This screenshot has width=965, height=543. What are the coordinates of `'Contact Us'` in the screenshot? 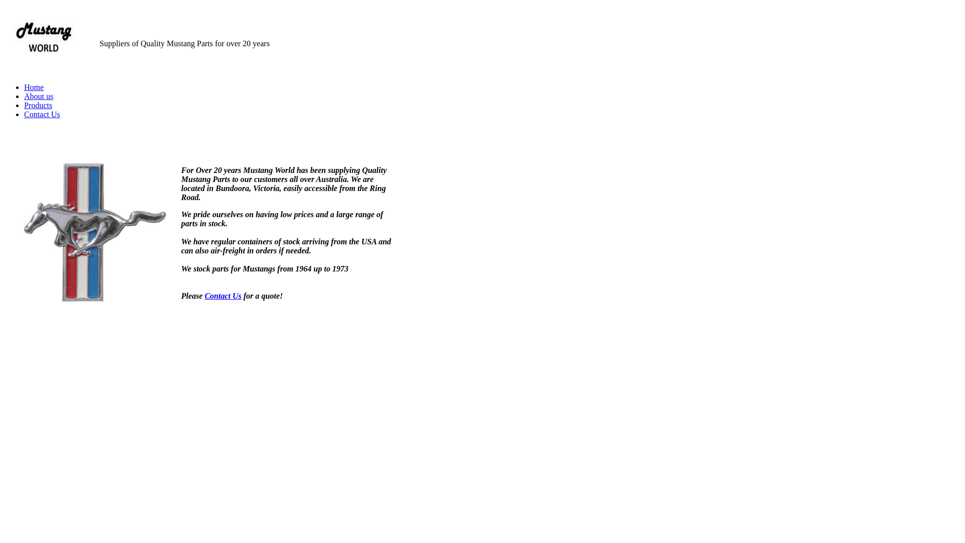 It's located at (41, 114).